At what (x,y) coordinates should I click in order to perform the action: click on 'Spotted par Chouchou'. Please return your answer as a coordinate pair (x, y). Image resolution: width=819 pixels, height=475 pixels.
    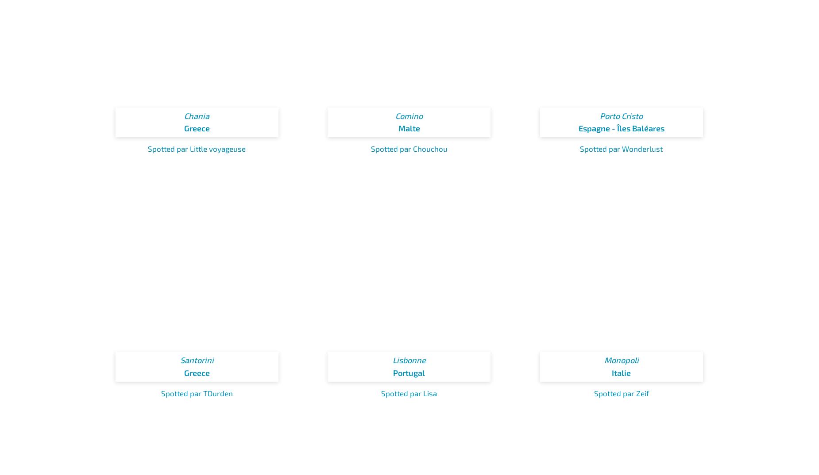
    Looking at the image, I should click on (409, 148).